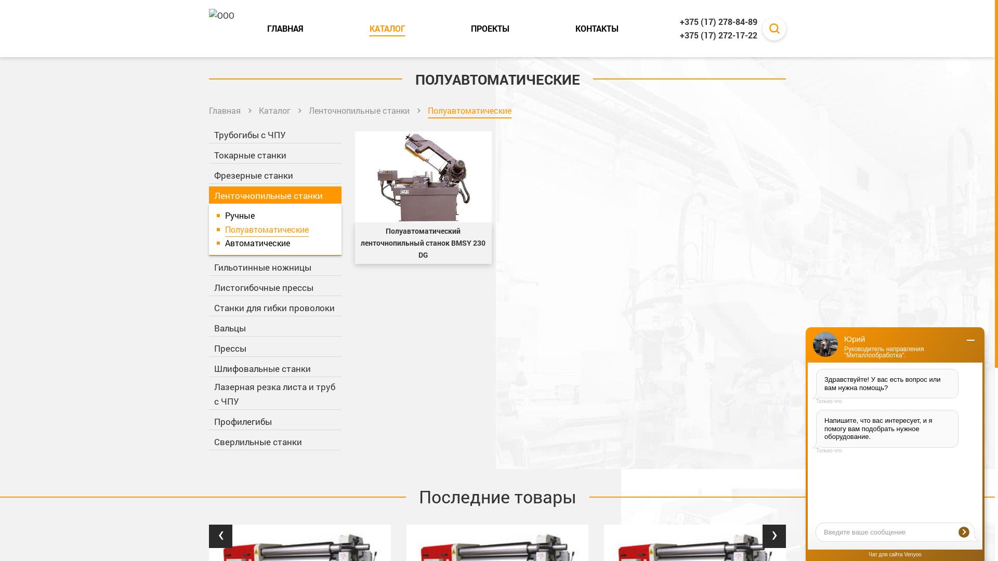 Image resolution: width=998 pixels, height=561 pixels. I want to click on '+375 (17) 272-17-22', so click(718, 35).